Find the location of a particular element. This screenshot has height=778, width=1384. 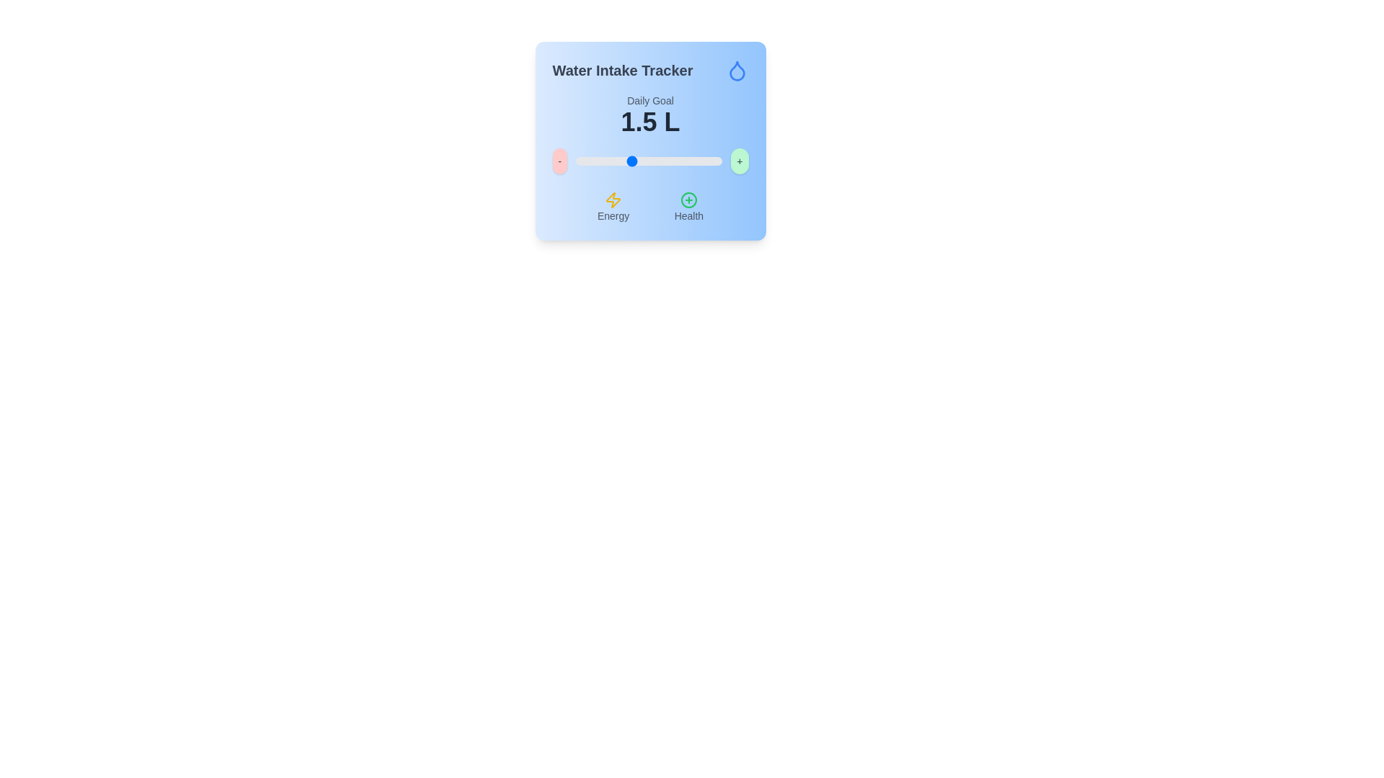

the increment button located at the far right of the horizontal group to change its shade is located at coordinates (740, 161).